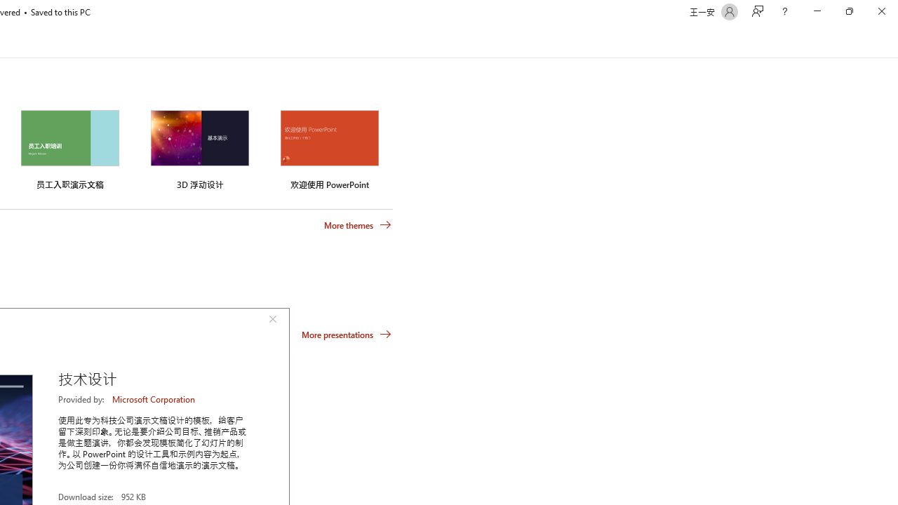 This screenshot has width=898, height=505. I want to click on 'More presentations', so click(347, 335).